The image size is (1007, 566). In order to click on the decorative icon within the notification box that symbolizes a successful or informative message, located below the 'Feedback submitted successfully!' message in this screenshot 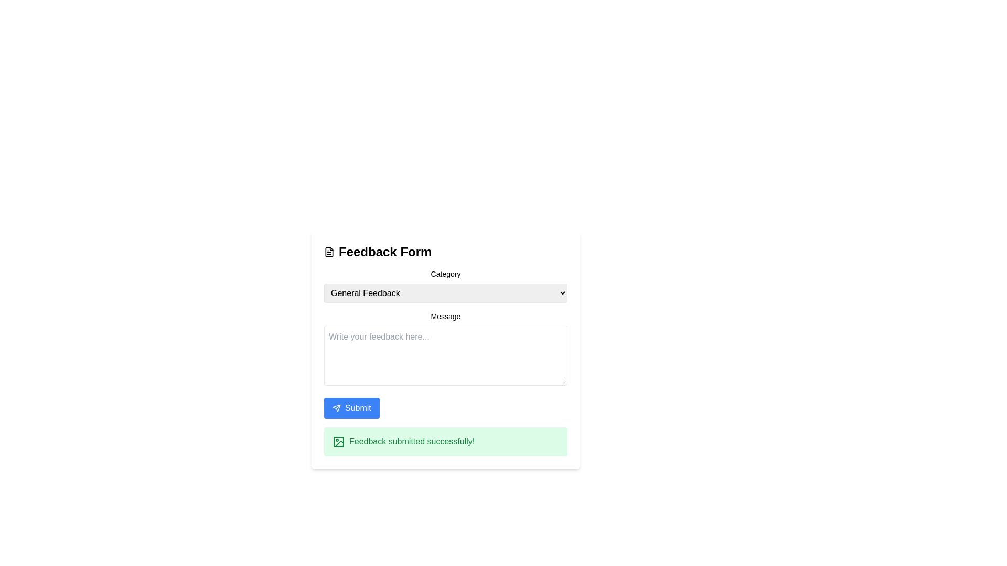, I will do `click(339, 442)`.